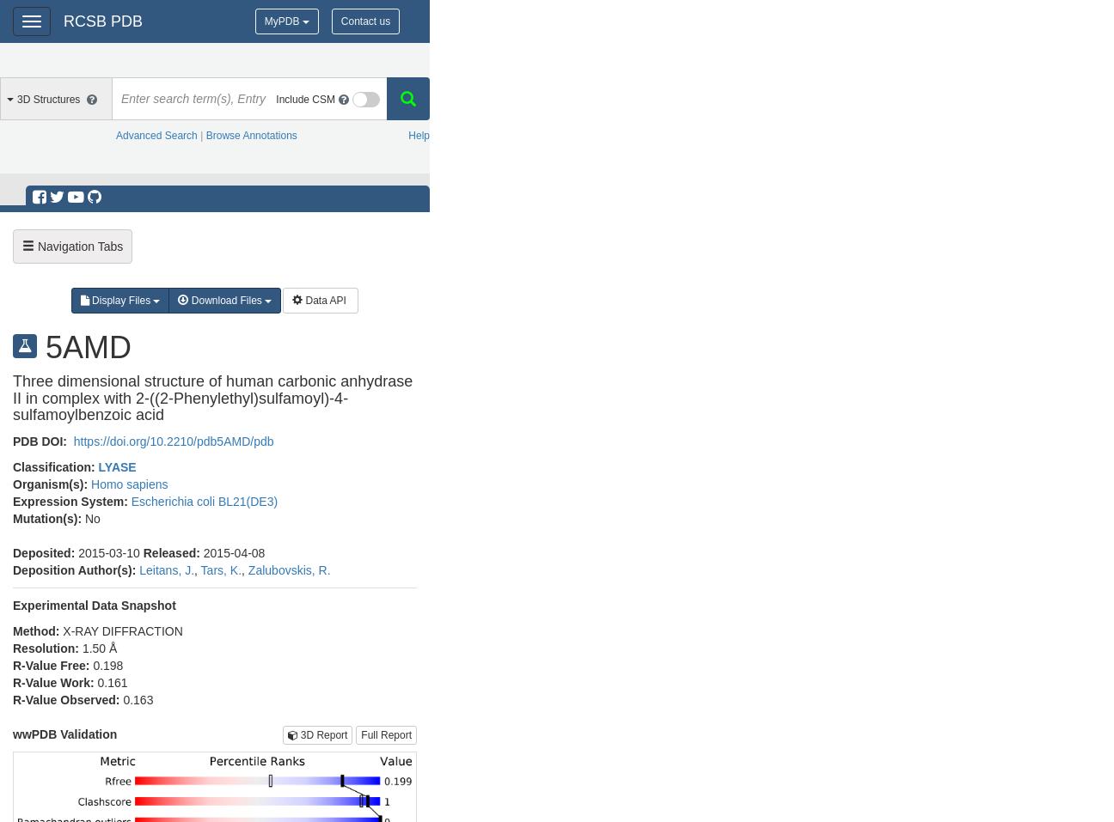 Image resolution: width=1114 pixels, height=822 pixels. What do you see at coordinates (418, 136) in the screenshot?
I see `'Help'` at bounding box center [418, 136].